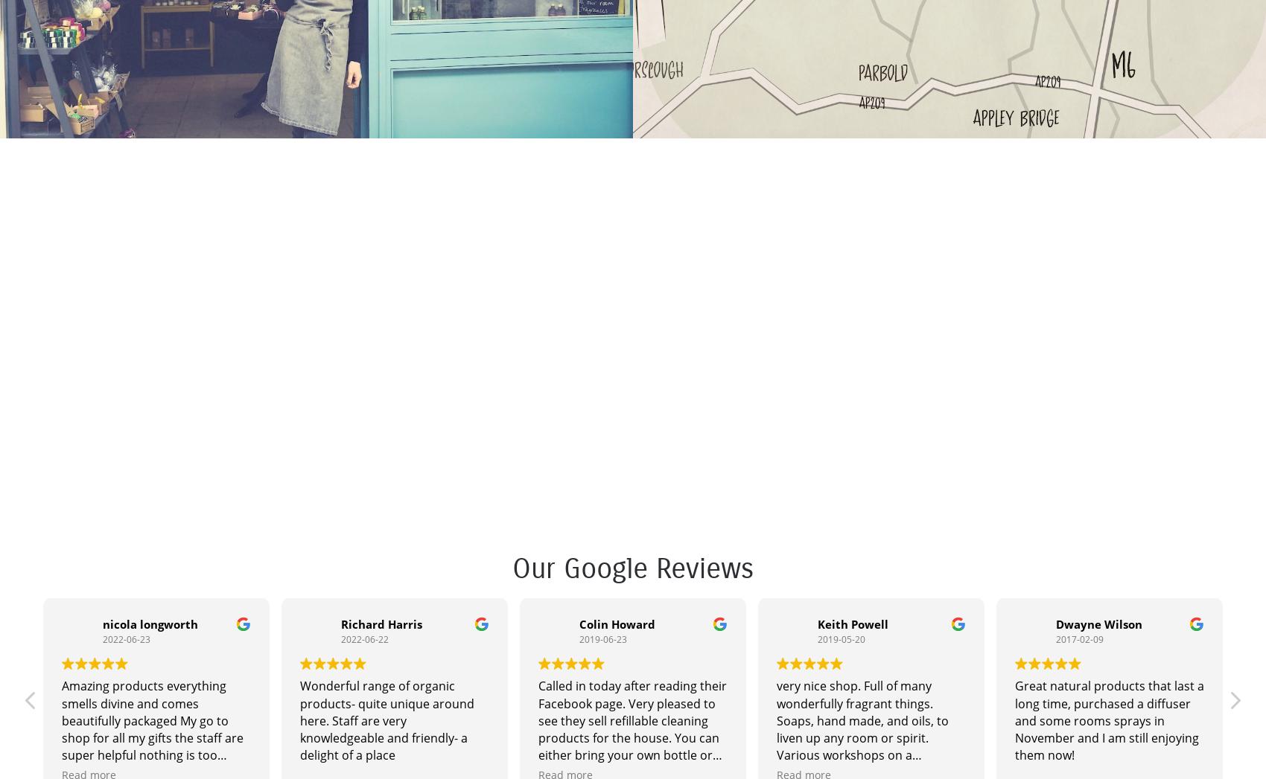  Describe the element at coordinates (616, 623) in the screenshot. I see `'Colin Howard'` at that location.